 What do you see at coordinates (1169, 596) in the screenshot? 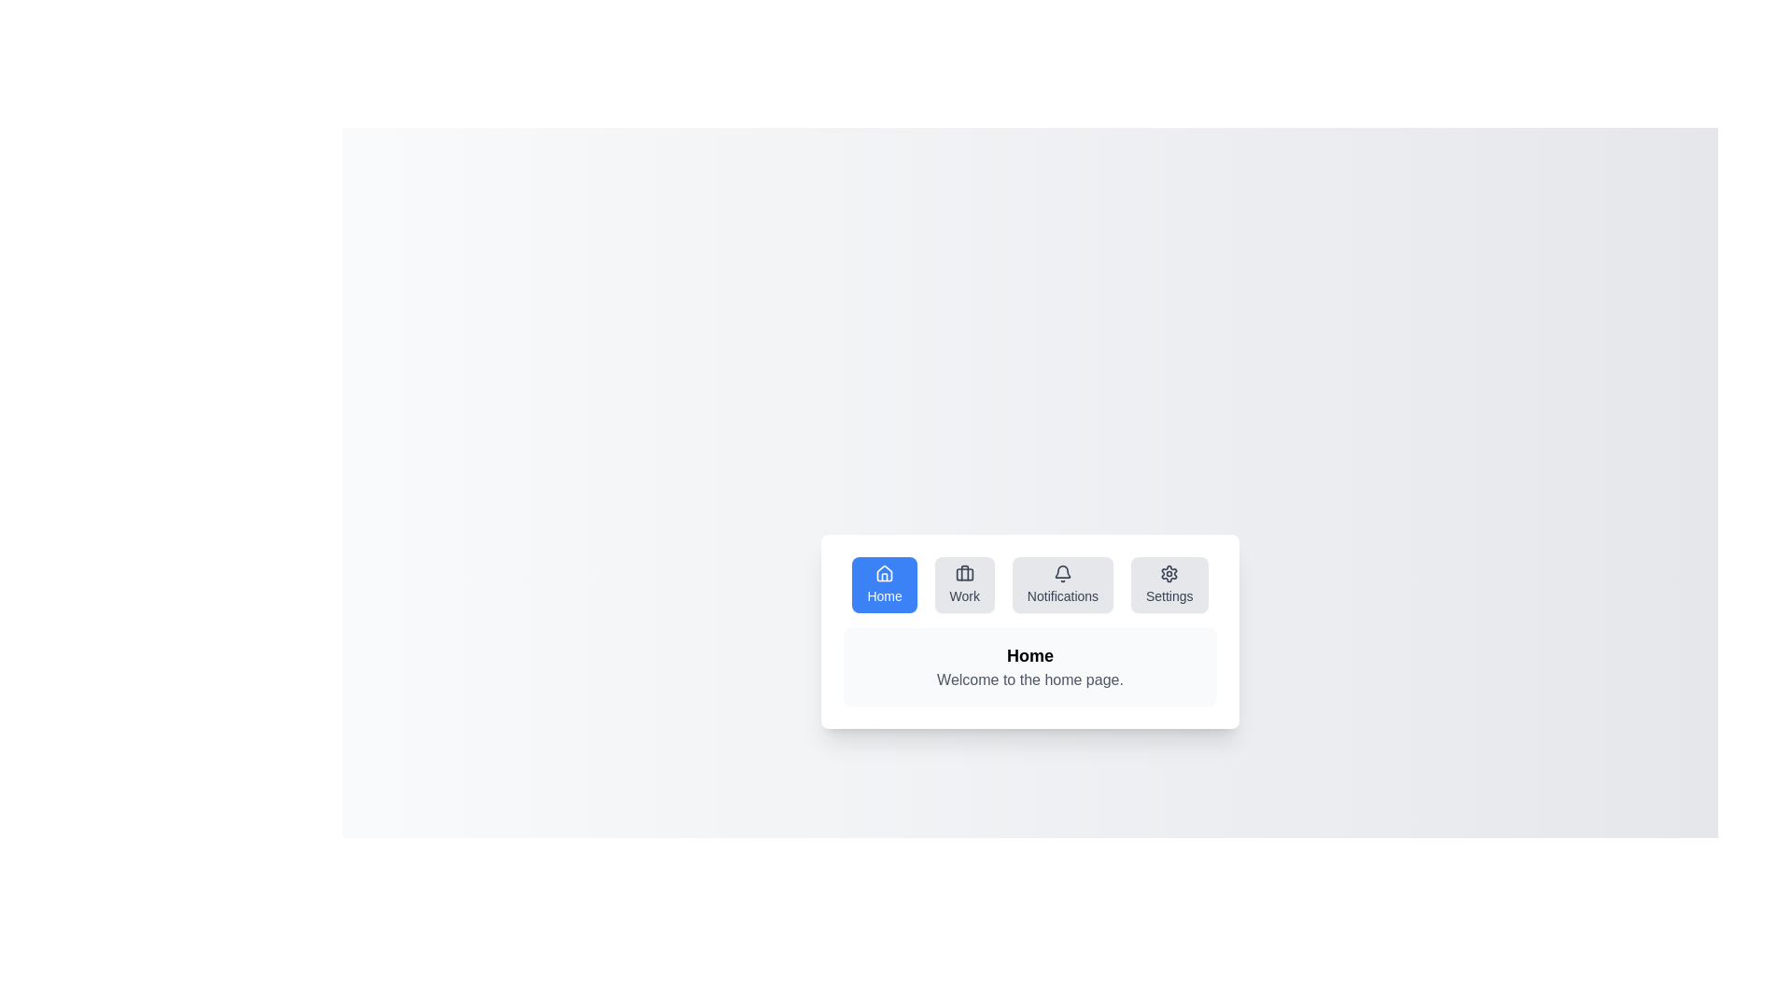
I see `the 'Settings' text label that is located at the bottom of the fourth button from the left in a horizontal button group, which is part of a card-like component` at bounding box center [1169, 596].